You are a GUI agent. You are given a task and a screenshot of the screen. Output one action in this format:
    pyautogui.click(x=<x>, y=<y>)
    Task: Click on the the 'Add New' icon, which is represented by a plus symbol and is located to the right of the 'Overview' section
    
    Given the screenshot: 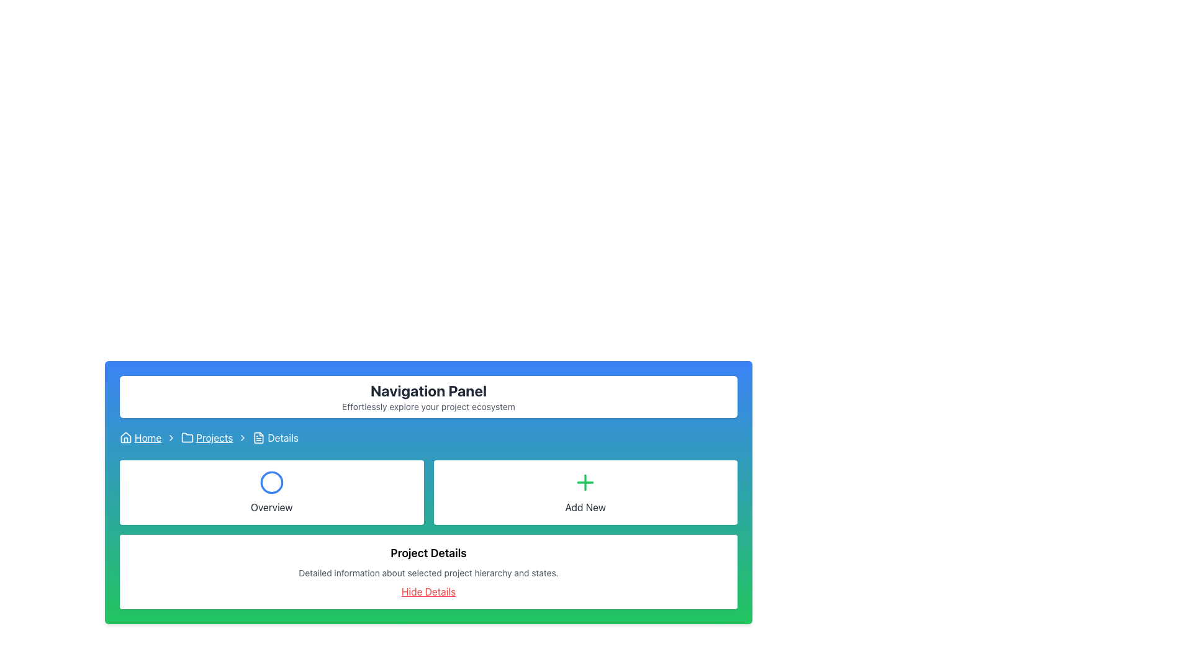 What is the action you would take?
    pyautogui.click(x=585, y=482)
    